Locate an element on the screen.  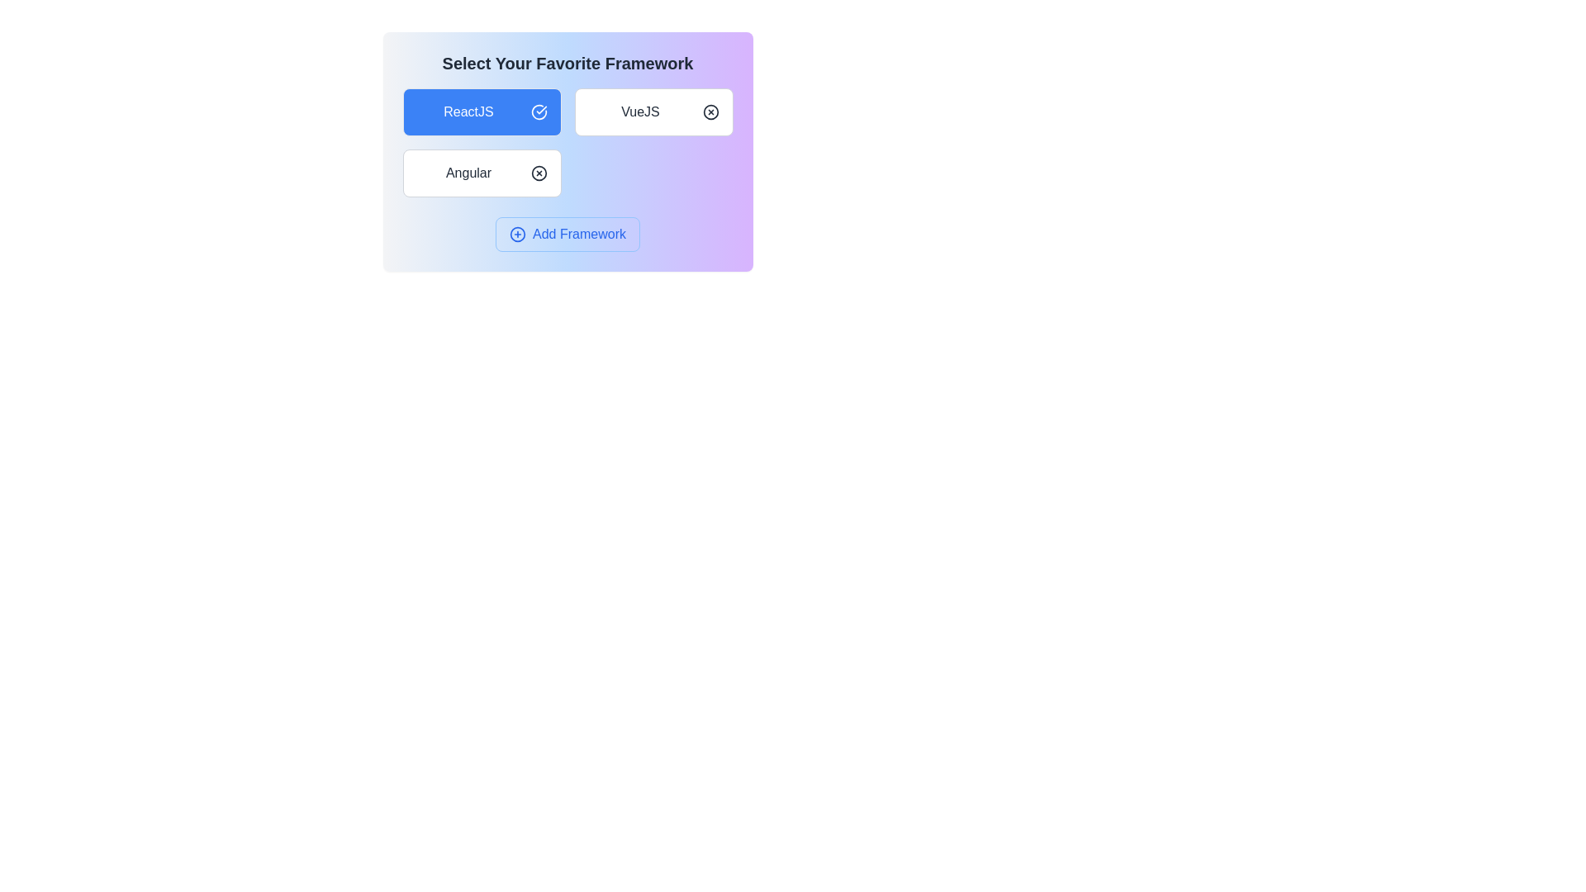
the chip labeled ReactJS is located at coordinates (481, 111).